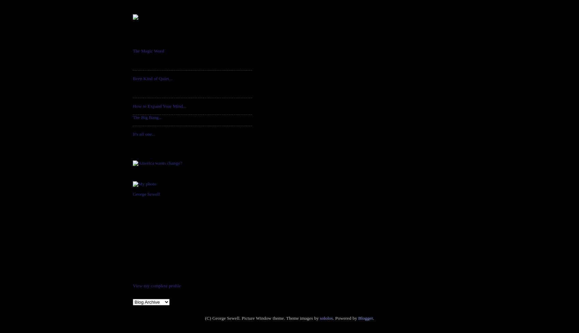 The image size is (579, 333). What do you see at coordinates (157, 111) in the screenshot?
I see `'...well, this ought to do it.'` at bounding box center [157, 111].